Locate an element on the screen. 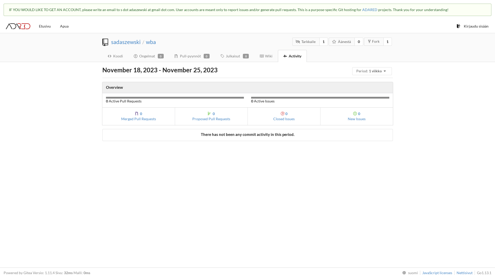 The height and width of the screenshot is (278, 495). '0 is located at coordinates (138, 116).